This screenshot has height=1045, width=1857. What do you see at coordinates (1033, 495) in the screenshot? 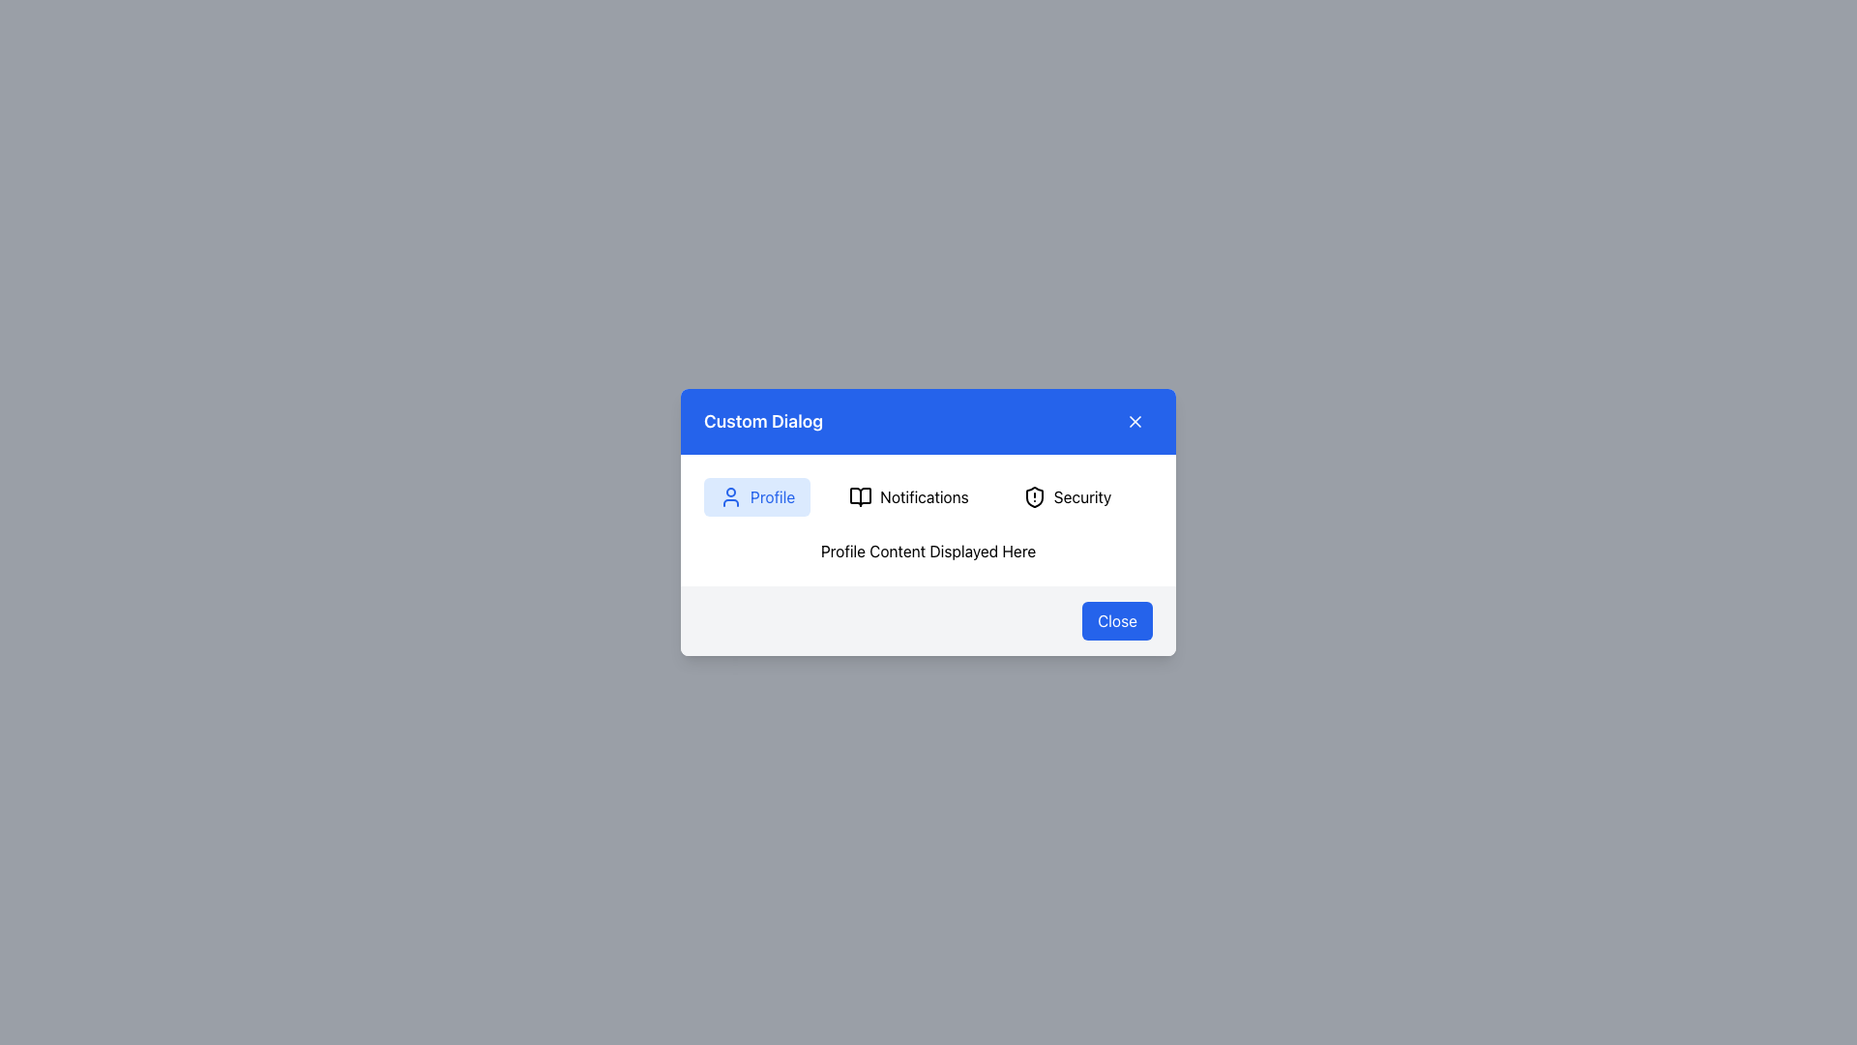
I see `the shield-shaped security icon located in the top-right corner of the 'Security' section of the interface` at bounding box center [1033, 495].